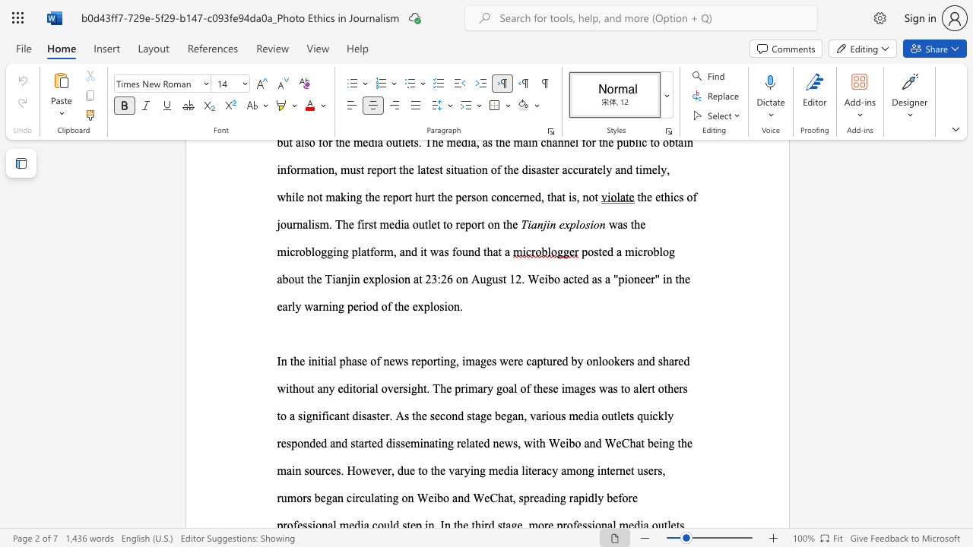  What do you see at coordinates (499, 361) in the screenshot?
I see `the subset text "were captured by onlookers and shared without any editorial overs" within the text "phase of news reporting, images were captured by onlookers and shared without any editorial oversight. The primary goal of these images was to alert others to a significant disaster. As the second stage began, various media outlets quickly responded and started"` at bounding box center [499, 361].